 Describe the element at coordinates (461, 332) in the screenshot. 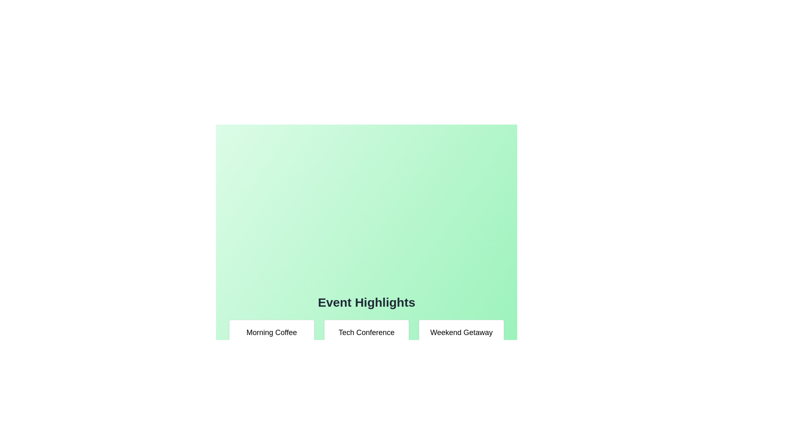

I see `title text of the rightmost card labeled 'Weekend Getaway' in the 'Event Highlights' section` at that location.